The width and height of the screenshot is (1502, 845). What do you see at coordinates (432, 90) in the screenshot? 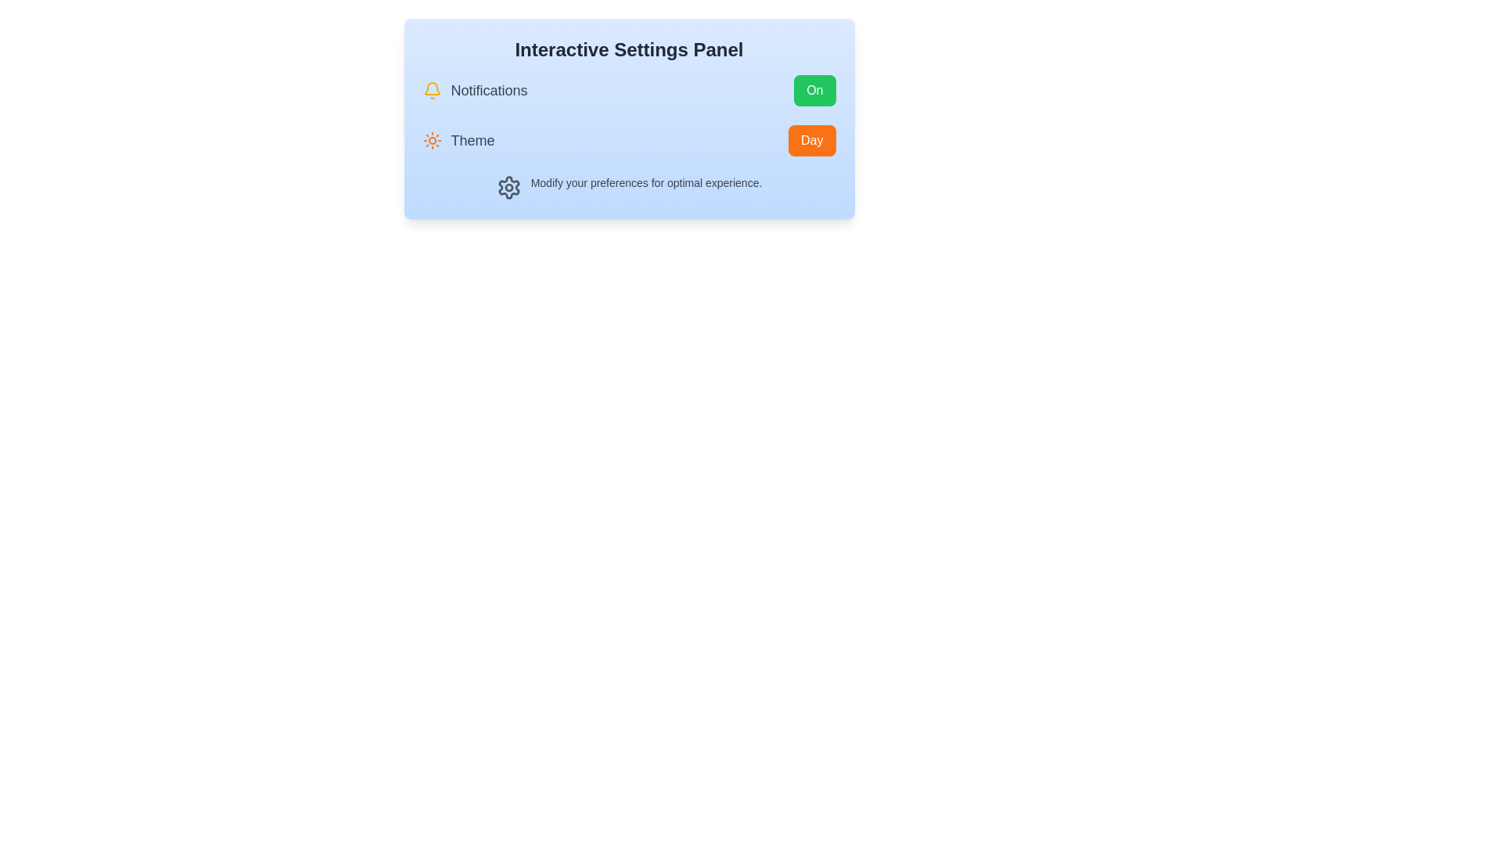
I see `the Notifications icon, which visually represents the Notifications option in the Interactive Settings Panel, located next to the text label 'Notifications'` at bounding box center [432, 90].